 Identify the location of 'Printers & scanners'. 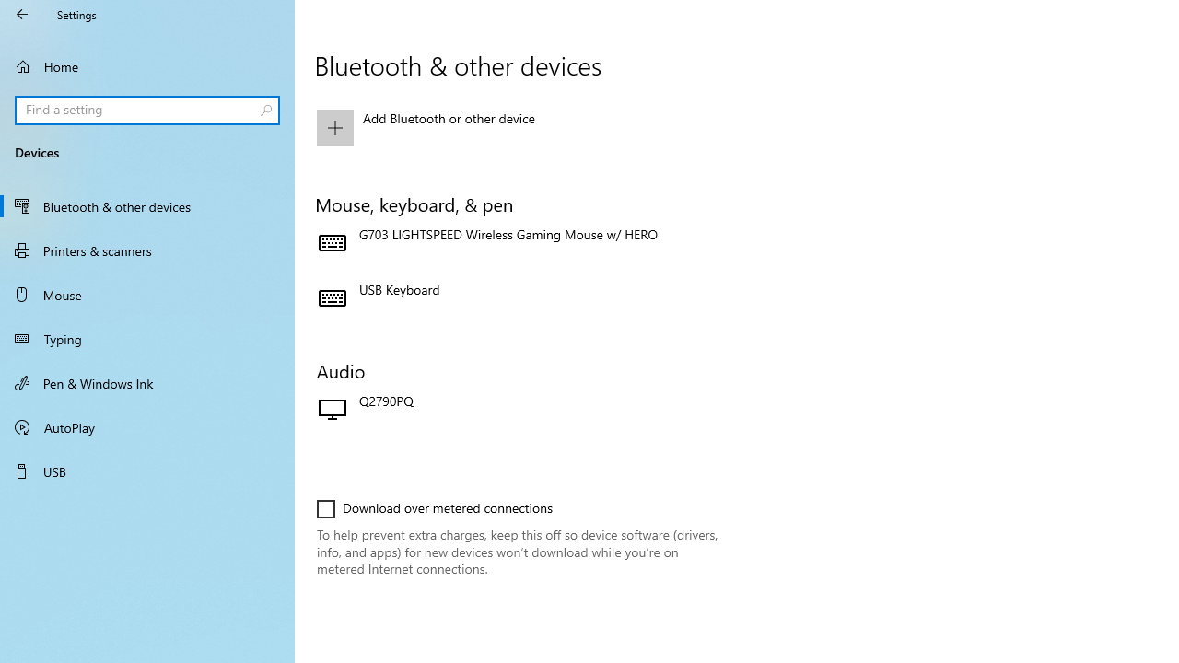
(147, 250).